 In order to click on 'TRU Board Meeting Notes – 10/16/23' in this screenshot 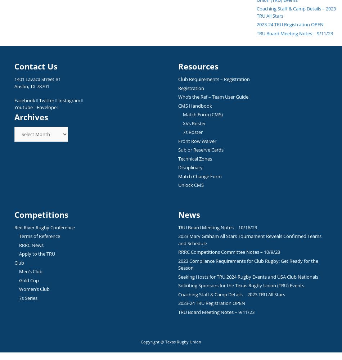, I will do `click(217, 227)`.